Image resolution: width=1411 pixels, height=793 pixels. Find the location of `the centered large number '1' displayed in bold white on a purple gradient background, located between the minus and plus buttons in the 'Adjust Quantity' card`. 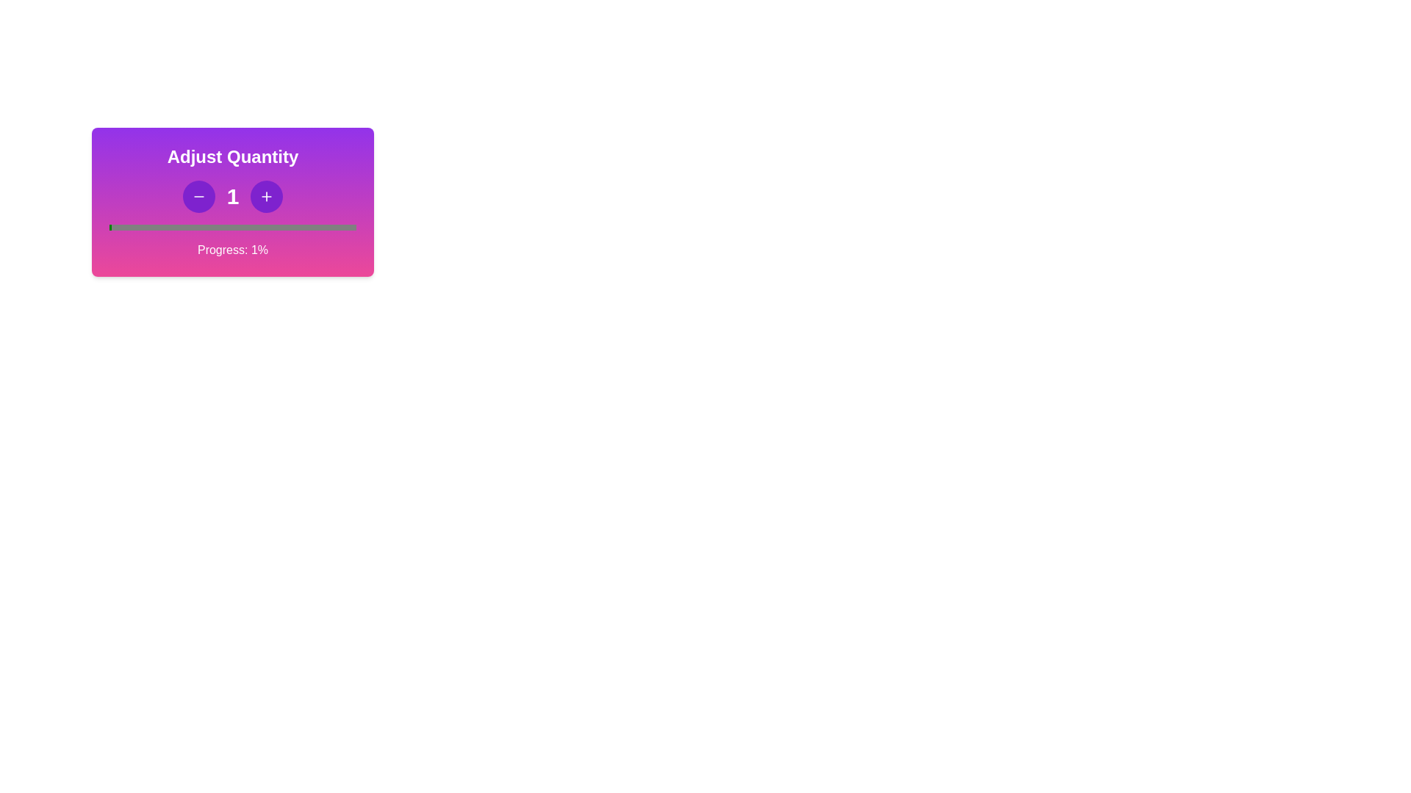

the centered large number '1' displayed in bold white on a purple gradient background, located between the minus and plus buttons in the 'Adjust Quantity' card is located at coordinates (231, 195).